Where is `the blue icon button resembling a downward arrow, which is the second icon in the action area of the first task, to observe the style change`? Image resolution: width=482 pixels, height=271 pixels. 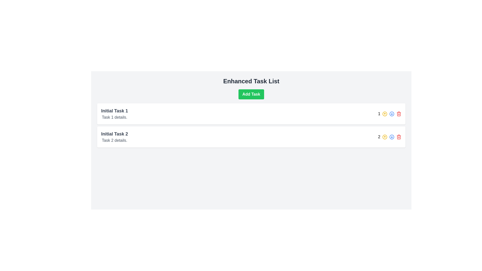
the blue icon button resembling a downward arrow, which is the second icon in the action area of the first task, to observe the style change is located at coordinates (391, 114).